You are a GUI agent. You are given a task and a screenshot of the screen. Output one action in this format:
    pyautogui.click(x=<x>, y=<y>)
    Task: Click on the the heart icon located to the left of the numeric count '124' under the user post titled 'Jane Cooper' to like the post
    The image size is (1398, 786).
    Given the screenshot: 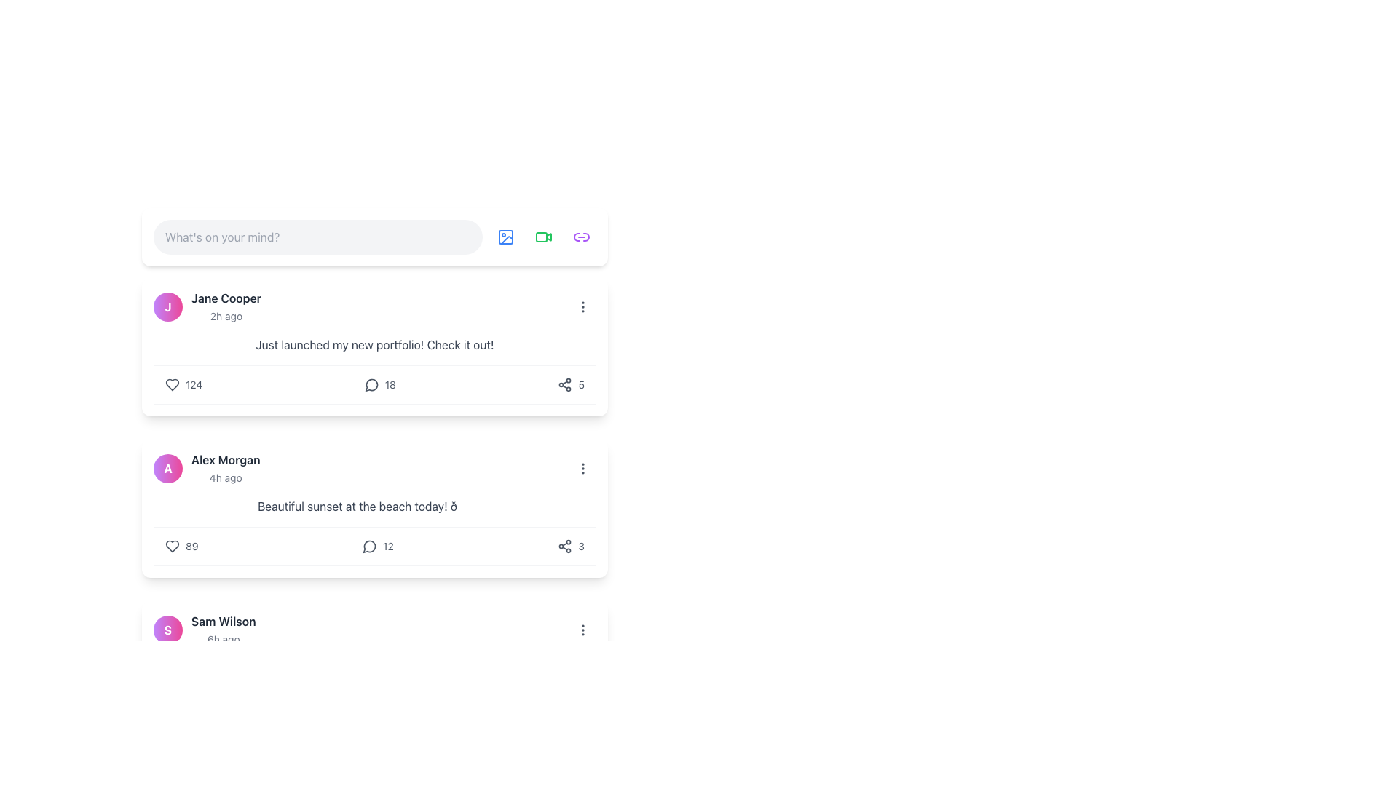 What is the action you would take?
    pyautogui.click(x=172, y=384)
    